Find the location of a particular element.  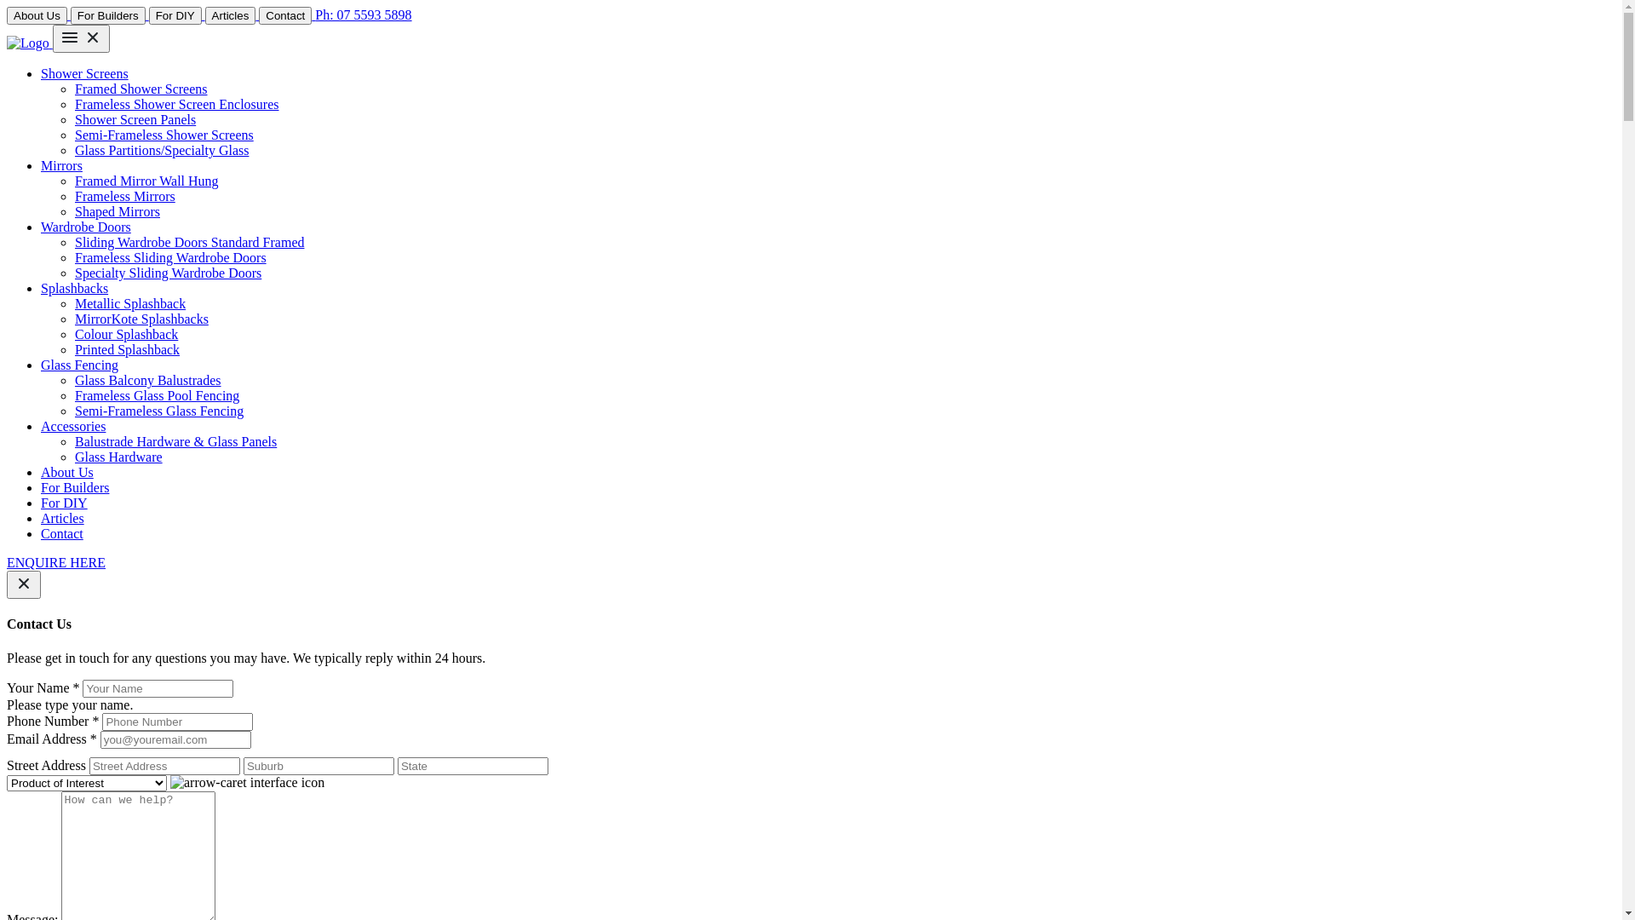

'ENQUIRE HERE' is located at coordinates (56, 562).